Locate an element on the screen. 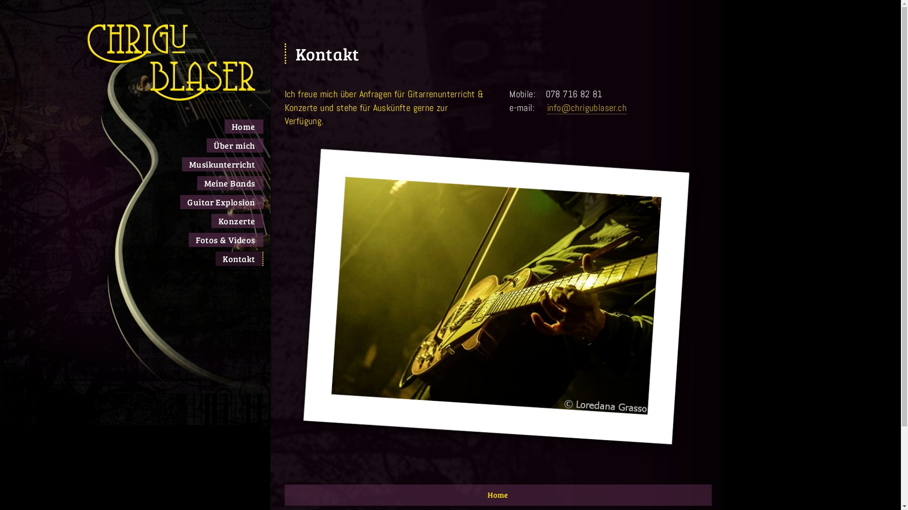 This screenshot has width=908, height=510. 'Kontakt' is located at coordinates (215, 258).